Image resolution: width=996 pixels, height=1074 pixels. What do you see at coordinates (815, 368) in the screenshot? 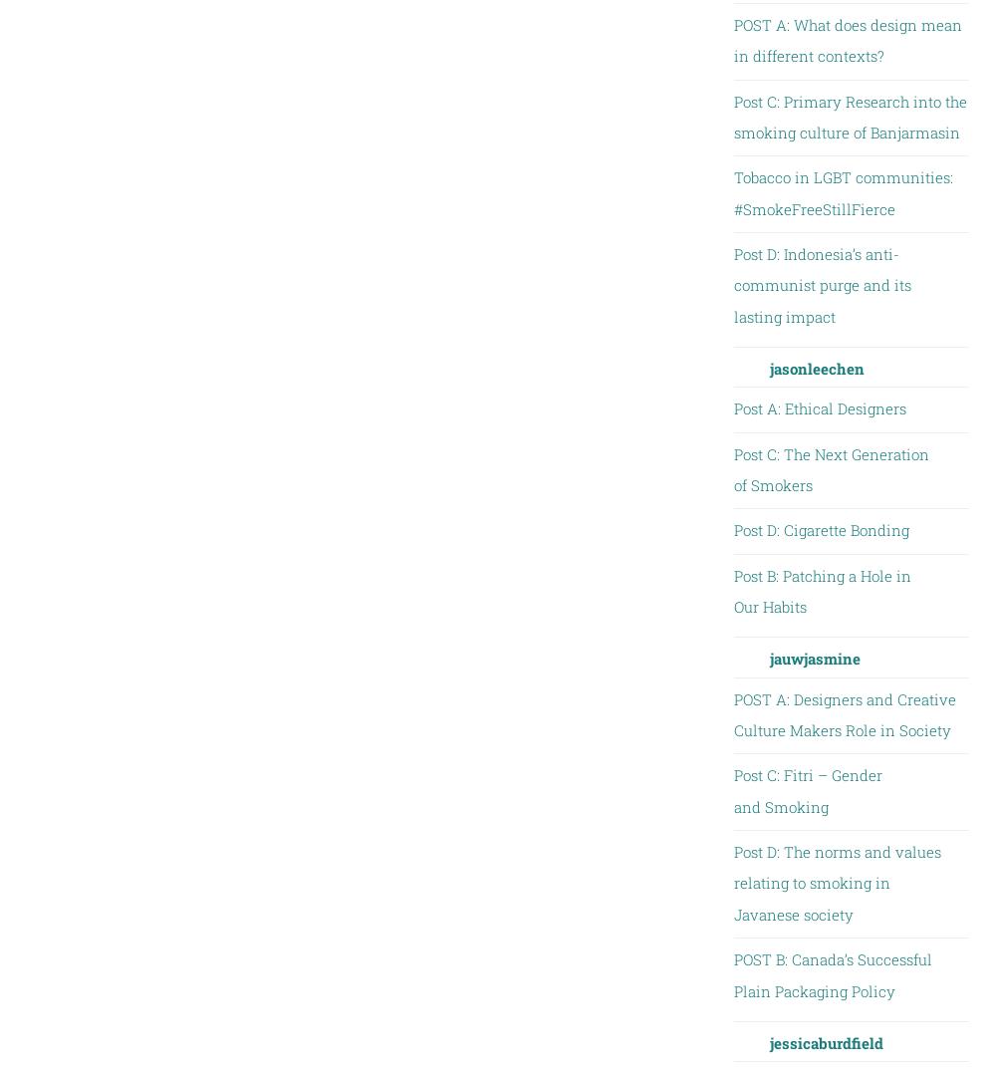
I see `'jasonleechen'` at bounding box center [815, 368].